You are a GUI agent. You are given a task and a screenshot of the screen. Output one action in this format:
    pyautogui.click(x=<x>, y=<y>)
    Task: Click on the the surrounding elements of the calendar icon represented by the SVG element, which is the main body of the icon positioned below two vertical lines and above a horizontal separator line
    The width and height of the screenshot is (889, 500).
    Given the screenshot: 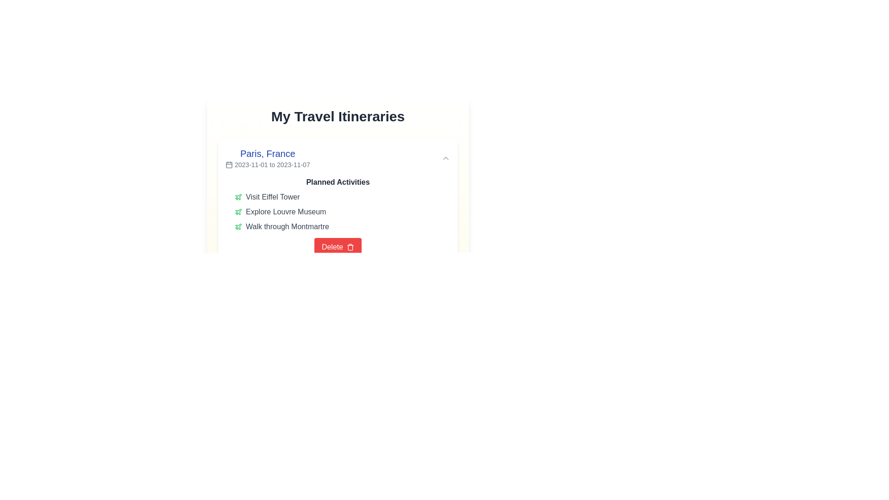 What is the action you would take?
    pyautogui.click(x=229, y=164)
    